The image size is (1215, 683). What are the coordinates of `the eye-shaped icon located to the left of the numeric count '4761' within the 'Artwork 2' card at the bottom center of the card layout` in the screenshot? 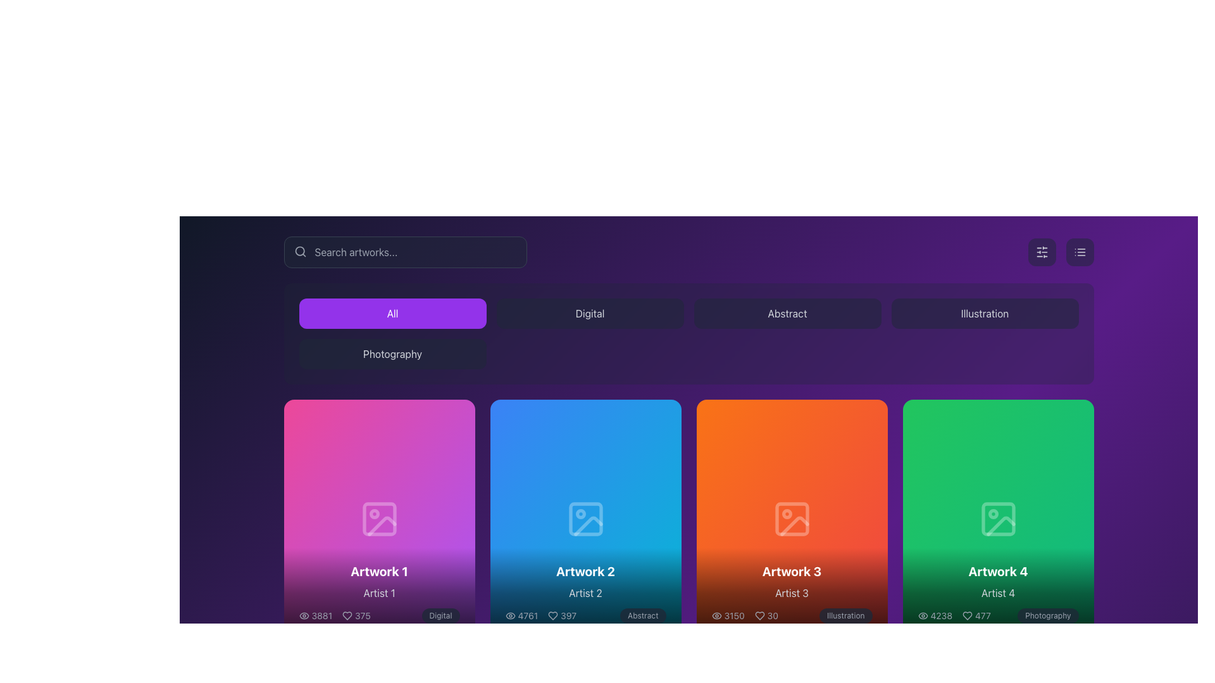 It's located at (510, 615).